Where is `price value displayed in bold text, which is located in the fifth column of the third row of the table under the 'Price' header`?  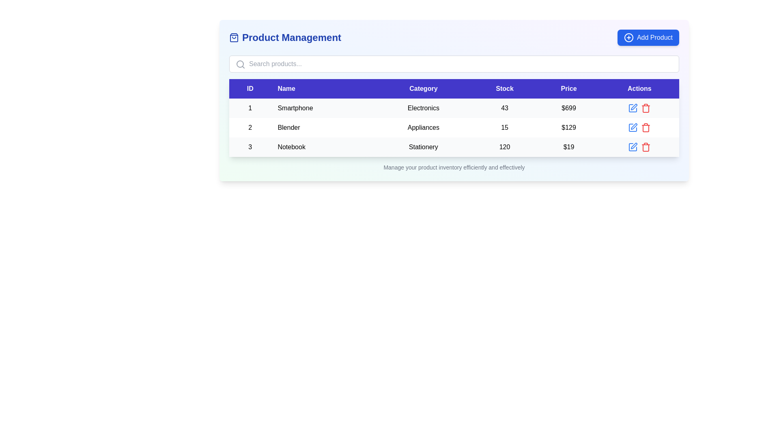
price value displayed in bold text, which is located in the fifth column of the third row of the table under the 'Price' header is located at coordinates (568, 147).